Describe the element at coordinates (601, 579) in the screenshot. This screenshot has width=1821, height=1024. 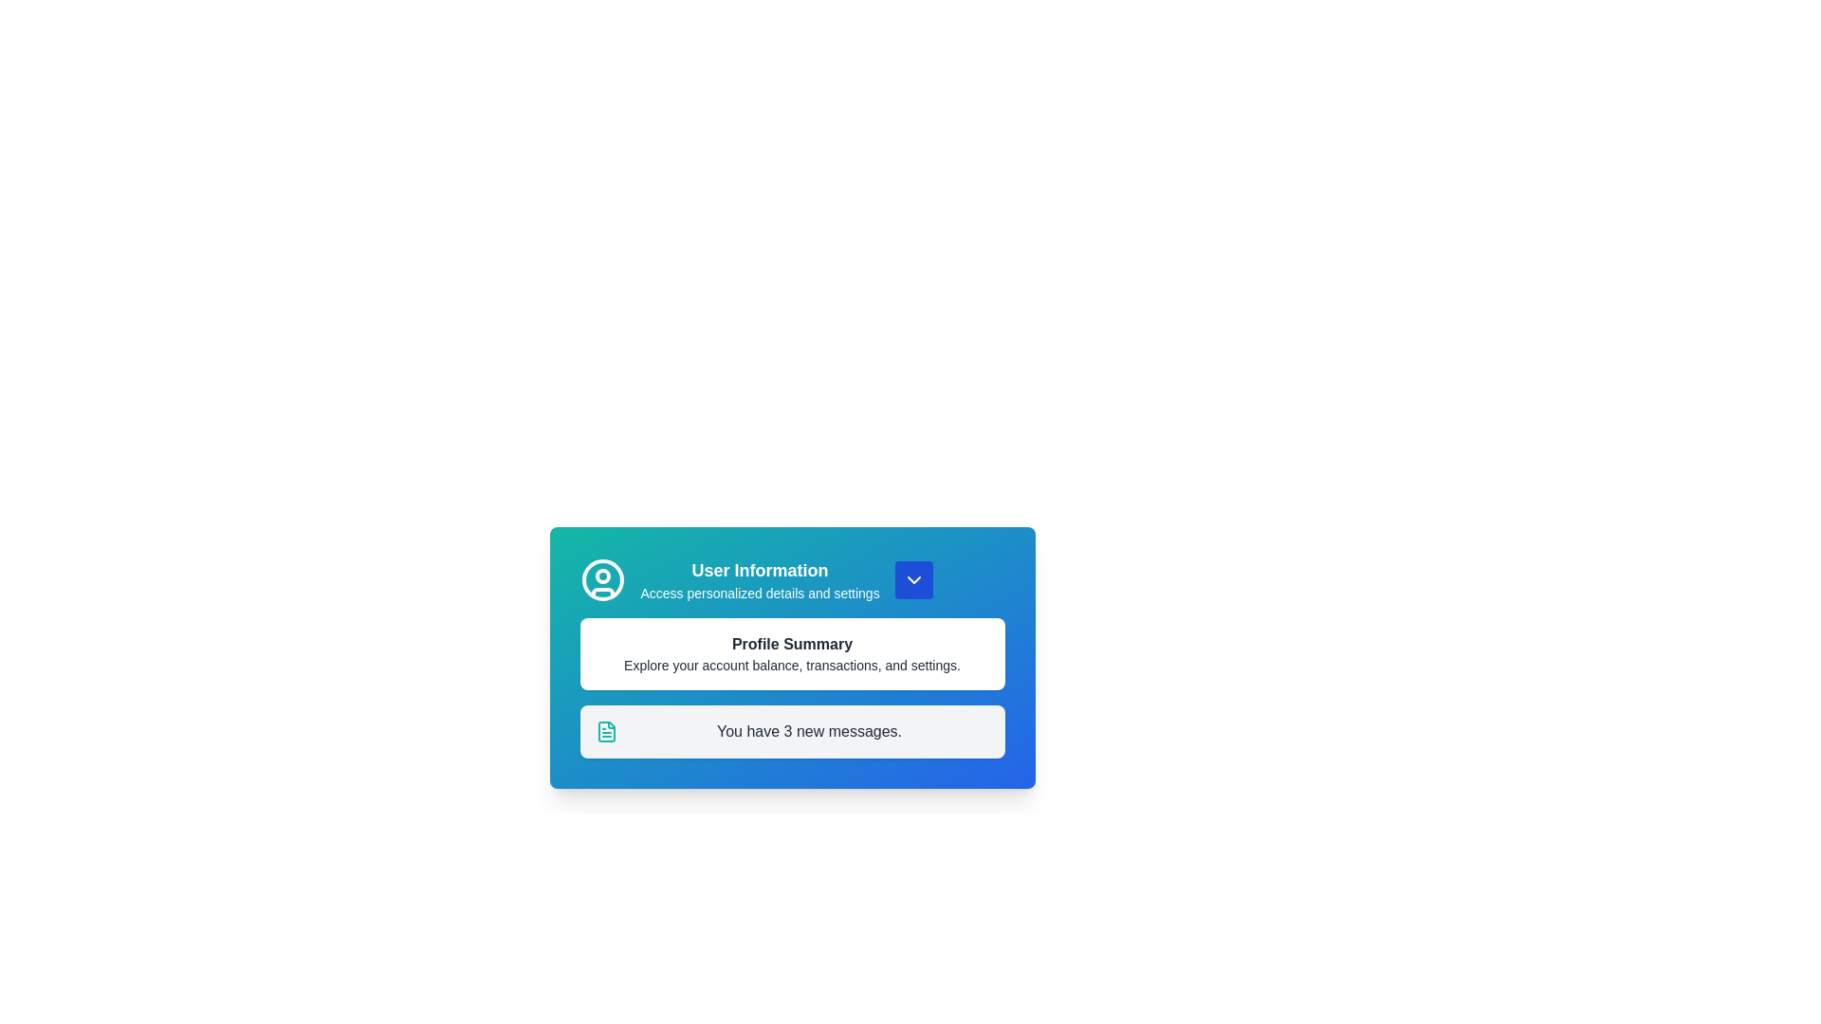
I see `the user profile icon located at the top-left corner of the user information section` at that location.